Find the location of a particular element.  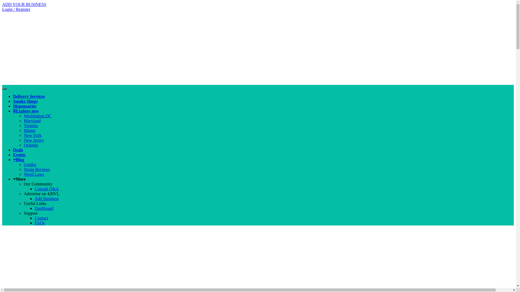

'Our Community' is located at coordinates (38, 184).